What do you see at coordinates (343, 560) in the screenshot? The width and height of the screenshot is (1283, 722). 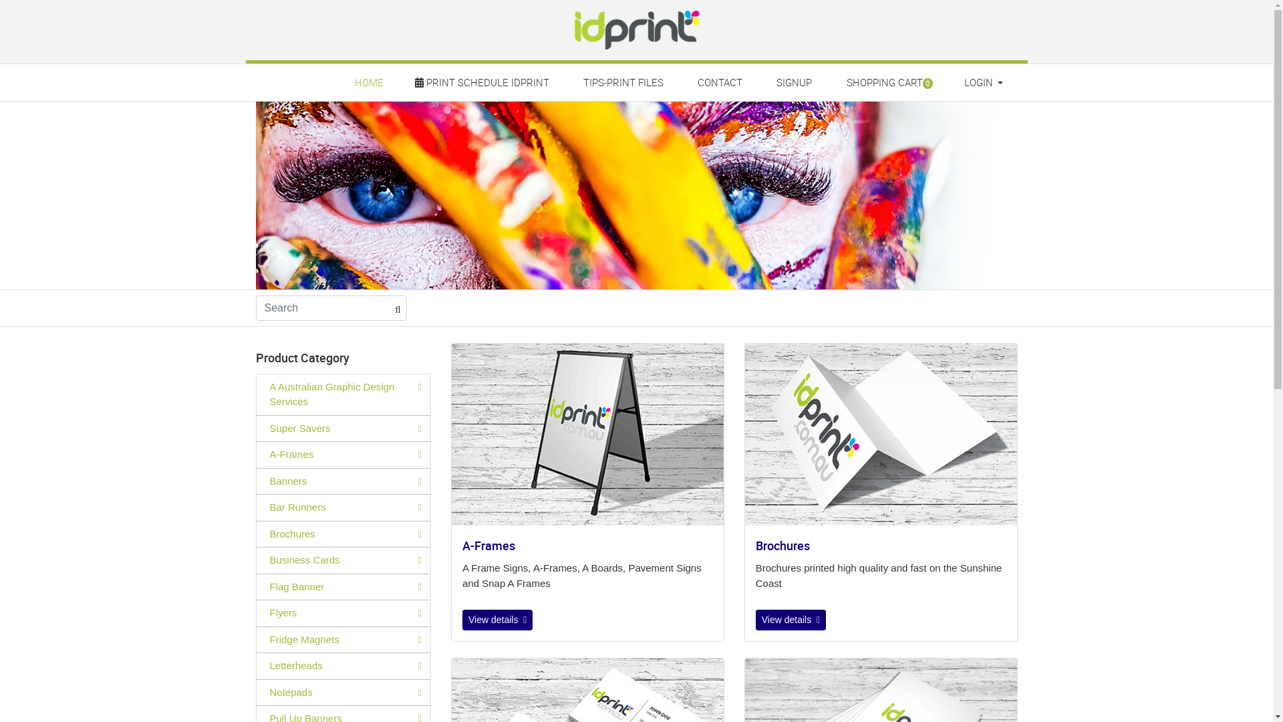 I see `'Business Cards'` at bounding box center [343, 560].